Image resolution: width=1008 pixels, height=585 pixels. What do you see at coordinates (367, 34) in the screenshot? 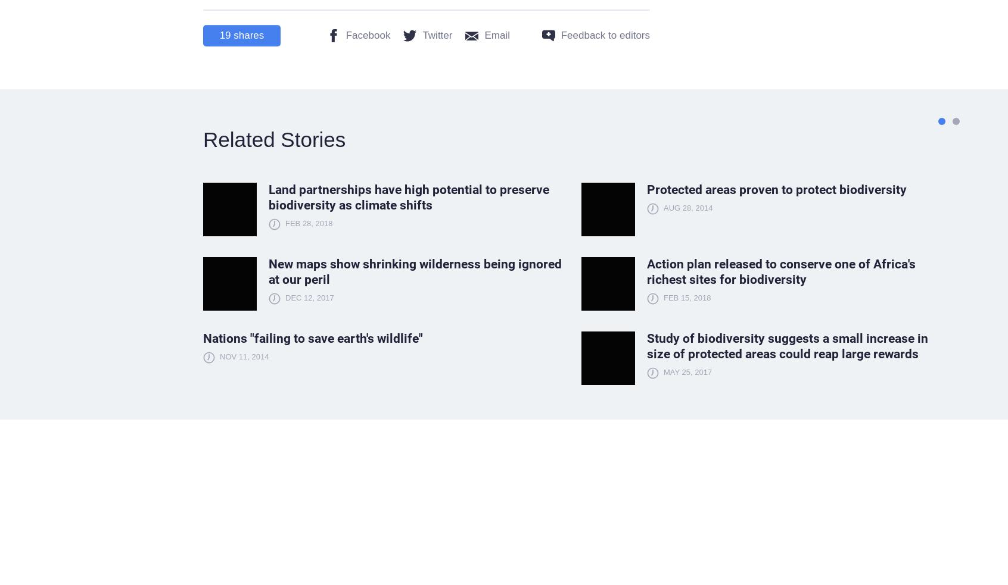
I see `'Facebook'` at bounding box center [367, 34].